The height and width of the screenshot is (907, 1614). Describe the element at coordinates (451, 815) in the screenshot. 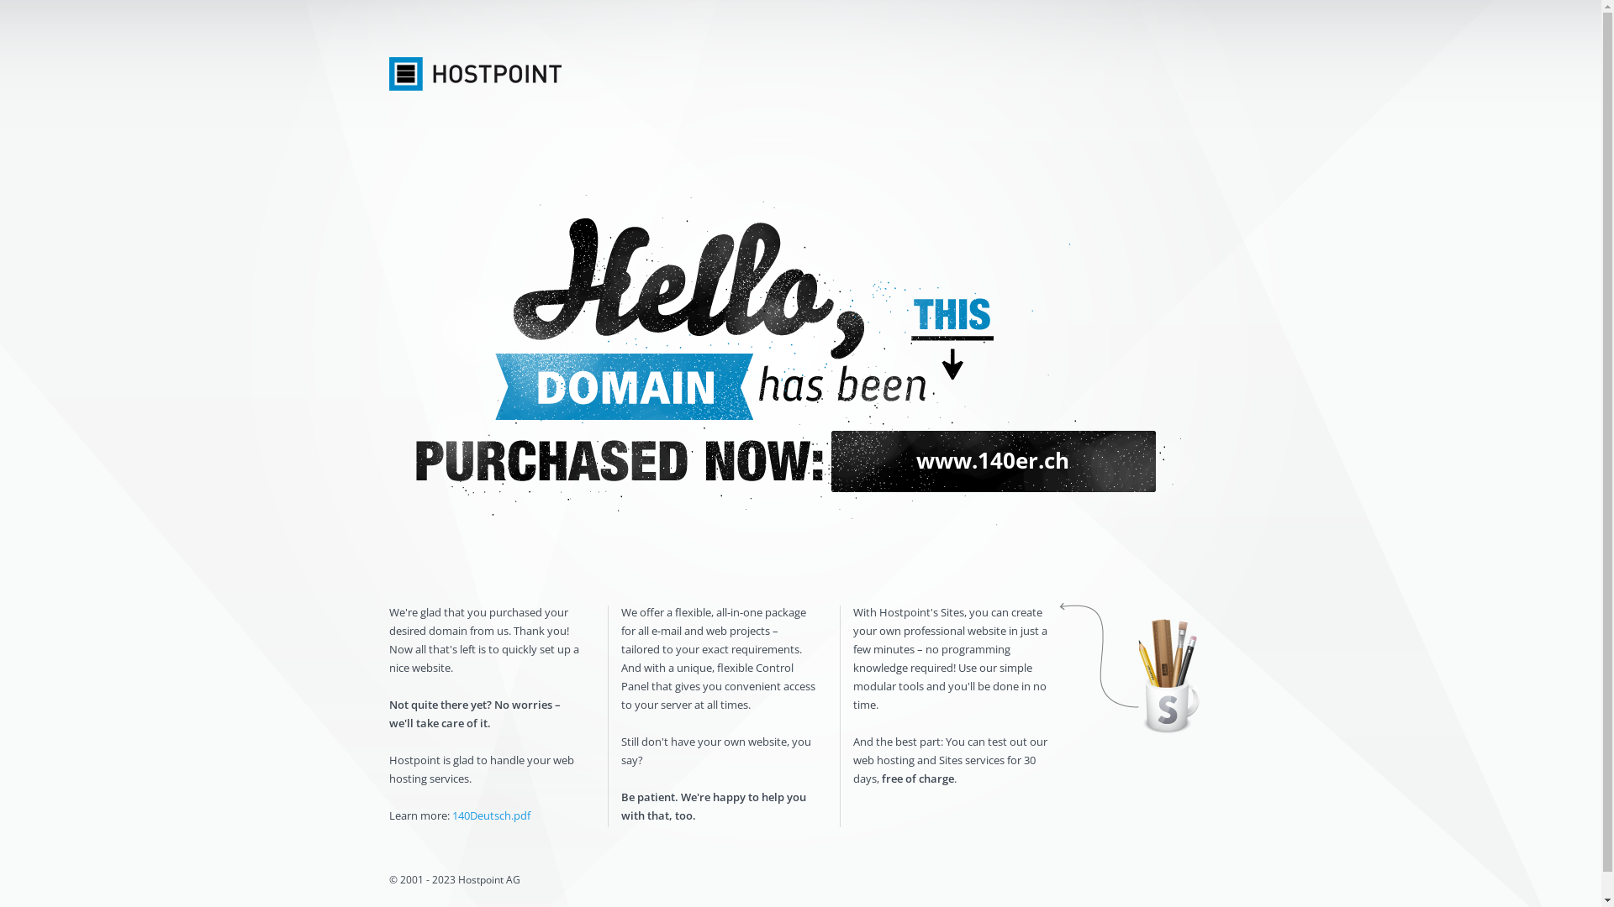

I see `'140Deutsch.pdf'` at that location.